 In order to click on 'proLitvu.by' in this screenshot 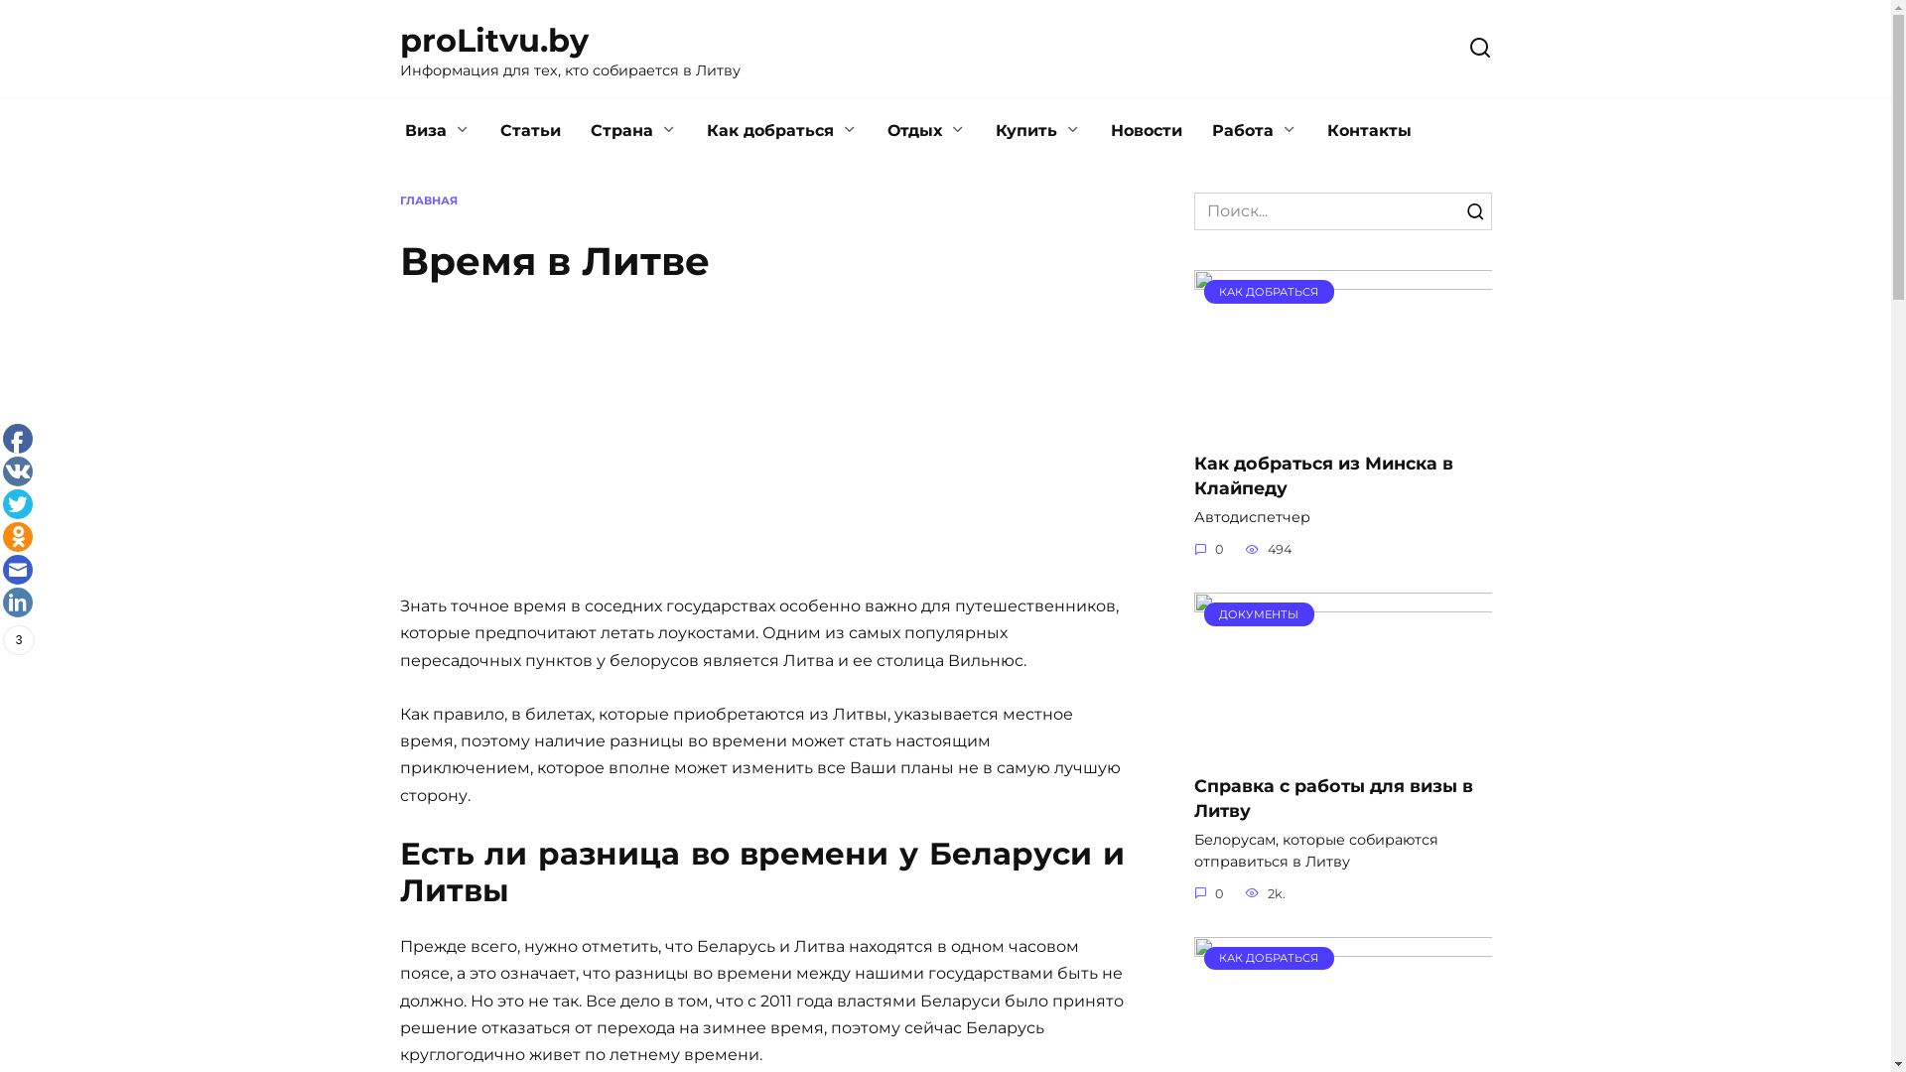, I will do `click(493, 40)`.